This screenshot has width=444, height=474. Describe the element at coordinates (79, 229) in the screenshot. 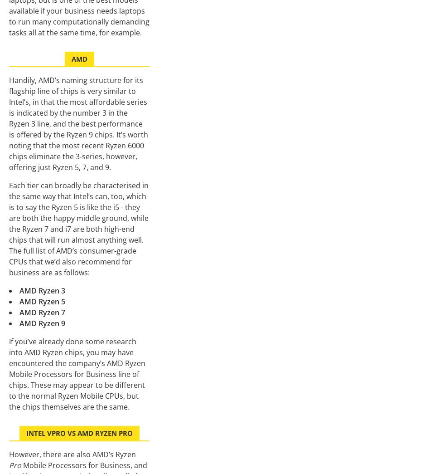

I see `'Each tier can broadly be characterised in the same way that Intel’s can, too, which is to say the Ryzen 5 is like the i5 - they are both the happy middle ground, while the Ryzen 7 and i7 are both high-end chips that will run almost anything well. The full list of AMD’s consumer-grade CPUs that we’d also recommend for business are as follows:'` at that location.